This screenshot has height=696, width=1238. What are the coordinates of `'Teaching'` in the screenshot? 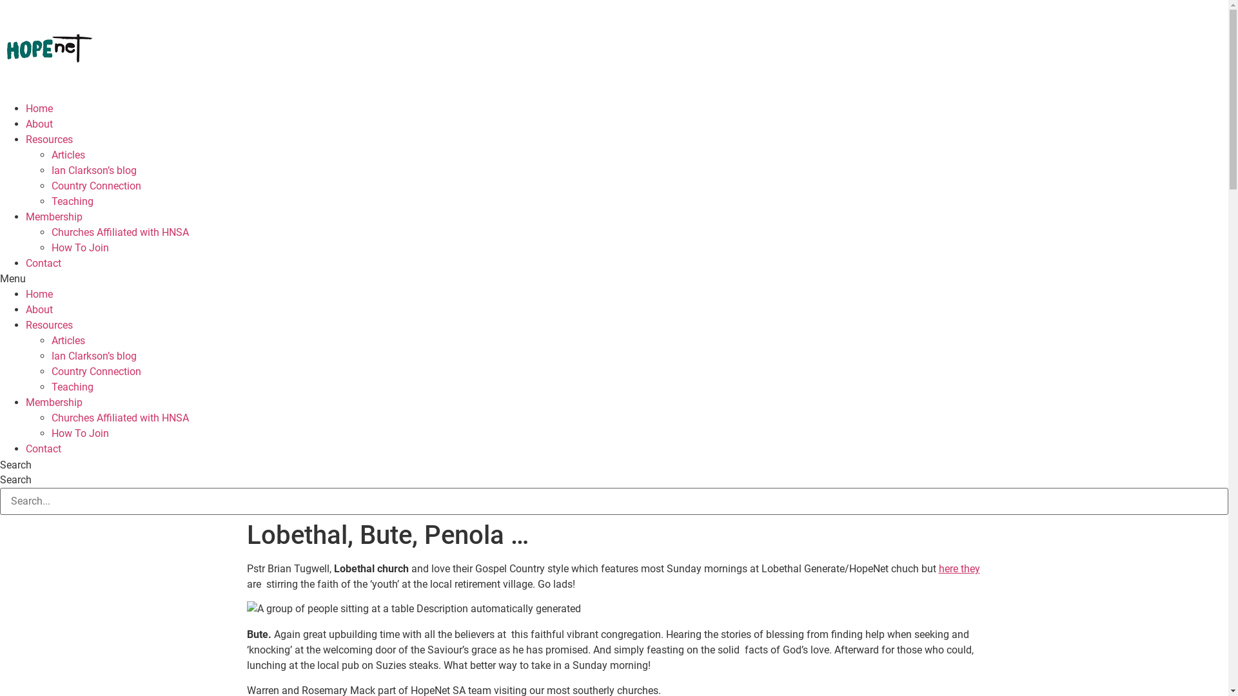 It's located at (72, 201).